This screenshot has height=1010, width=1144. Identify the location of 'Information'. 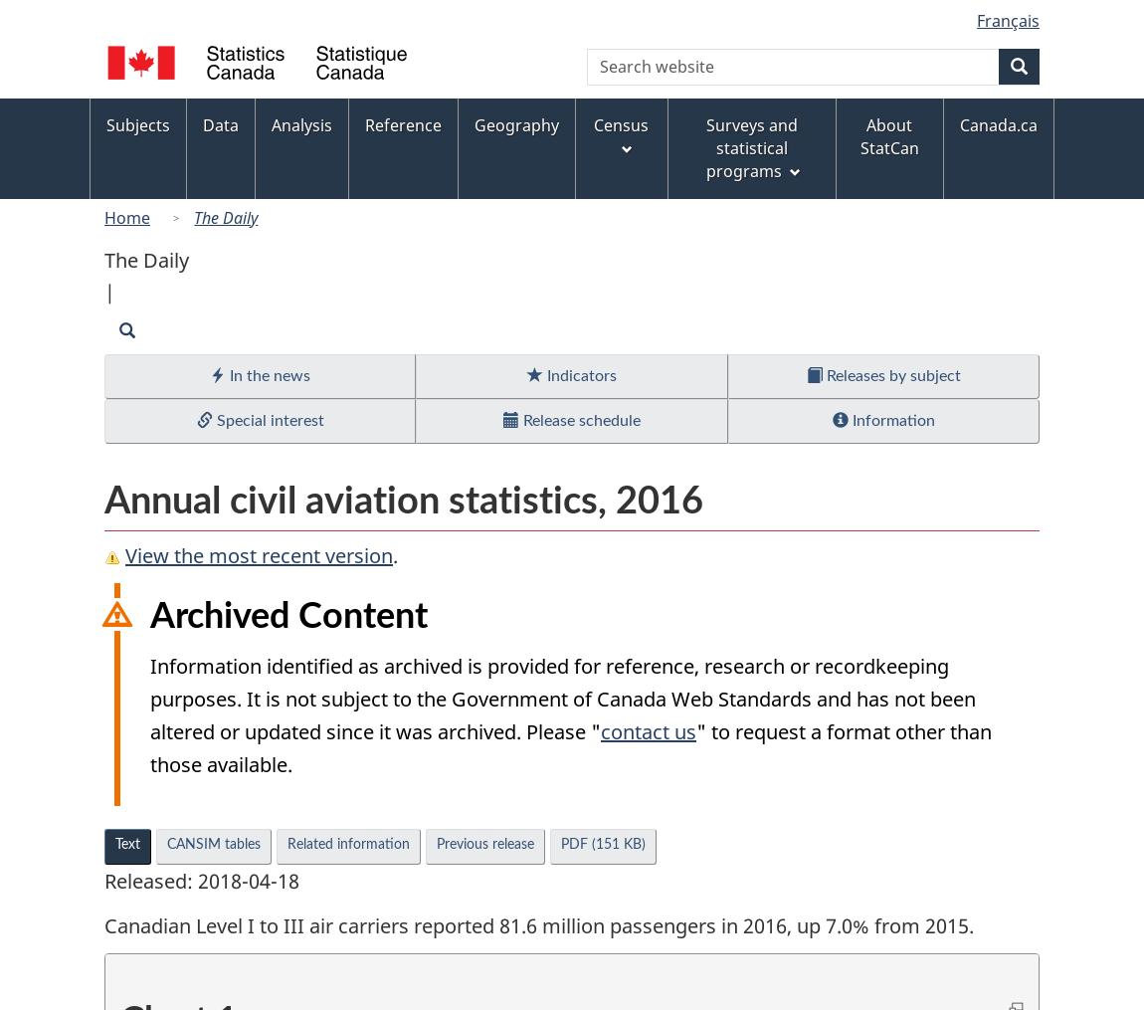
(890, 420).